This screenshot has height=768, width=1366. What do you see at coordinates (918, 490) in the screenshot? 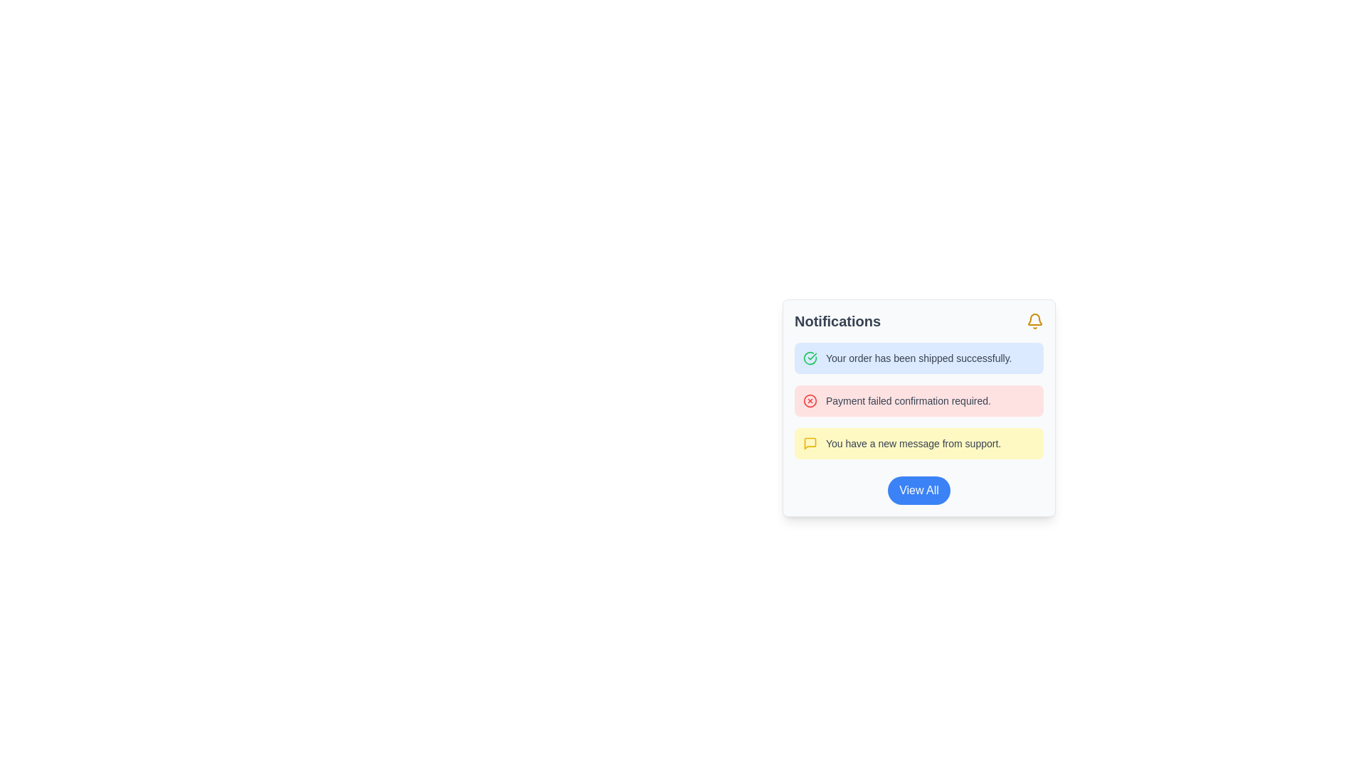
I see `the notifications button located at the center-bottom of the Notifications card` at bounding box center [918, 490].